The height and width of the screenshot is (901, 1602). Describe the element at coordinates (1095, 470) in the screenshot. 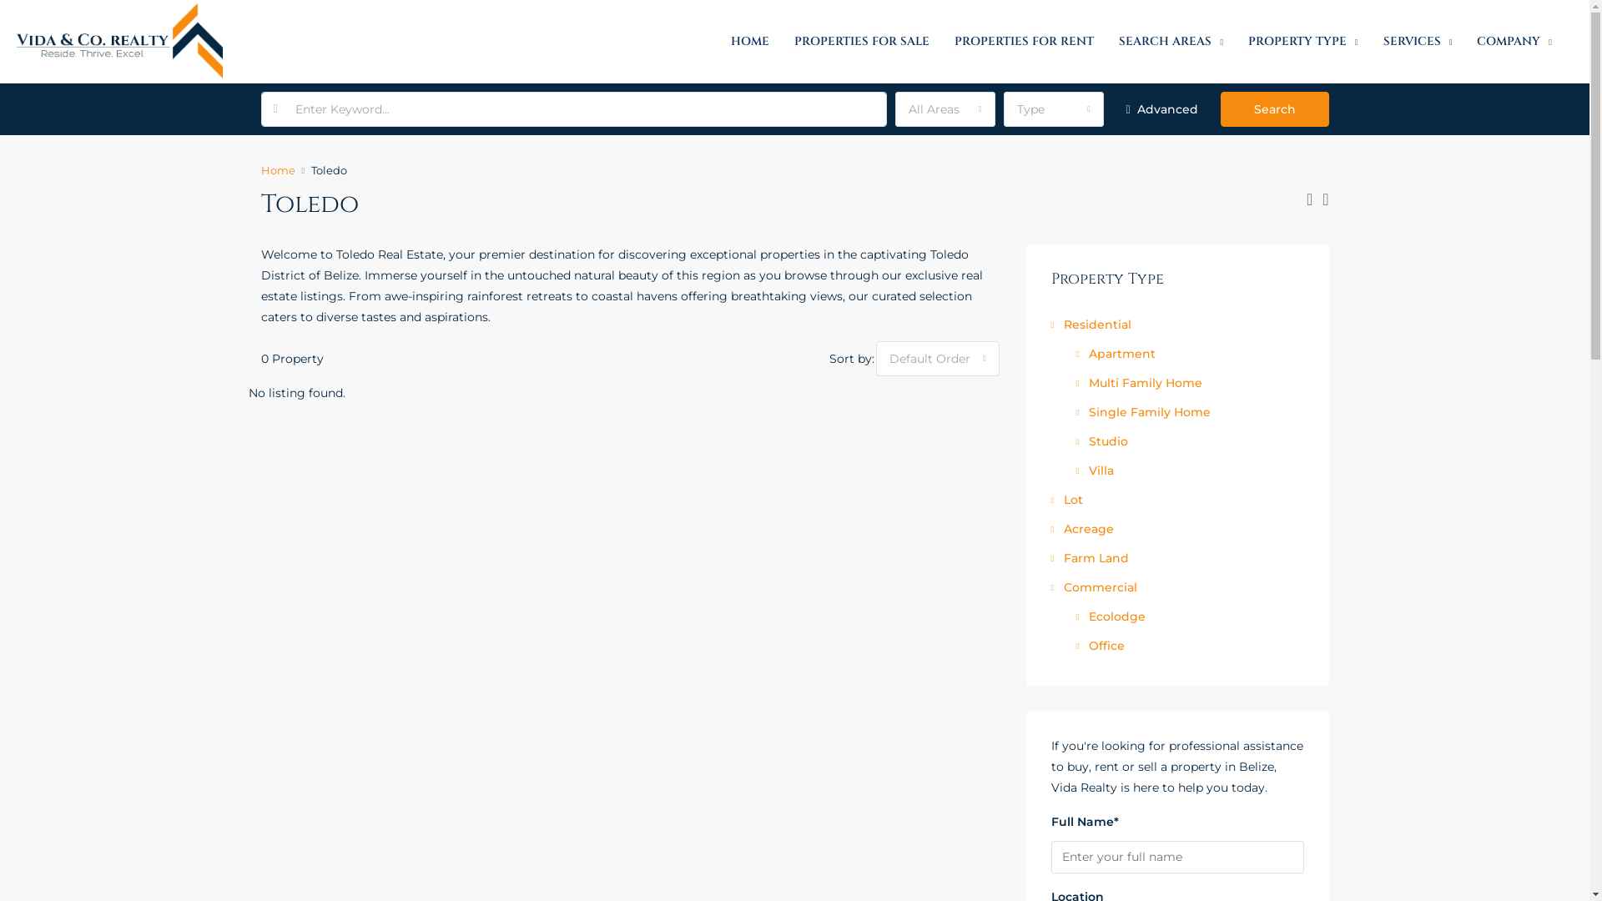

I see `'Villa'` at that location.